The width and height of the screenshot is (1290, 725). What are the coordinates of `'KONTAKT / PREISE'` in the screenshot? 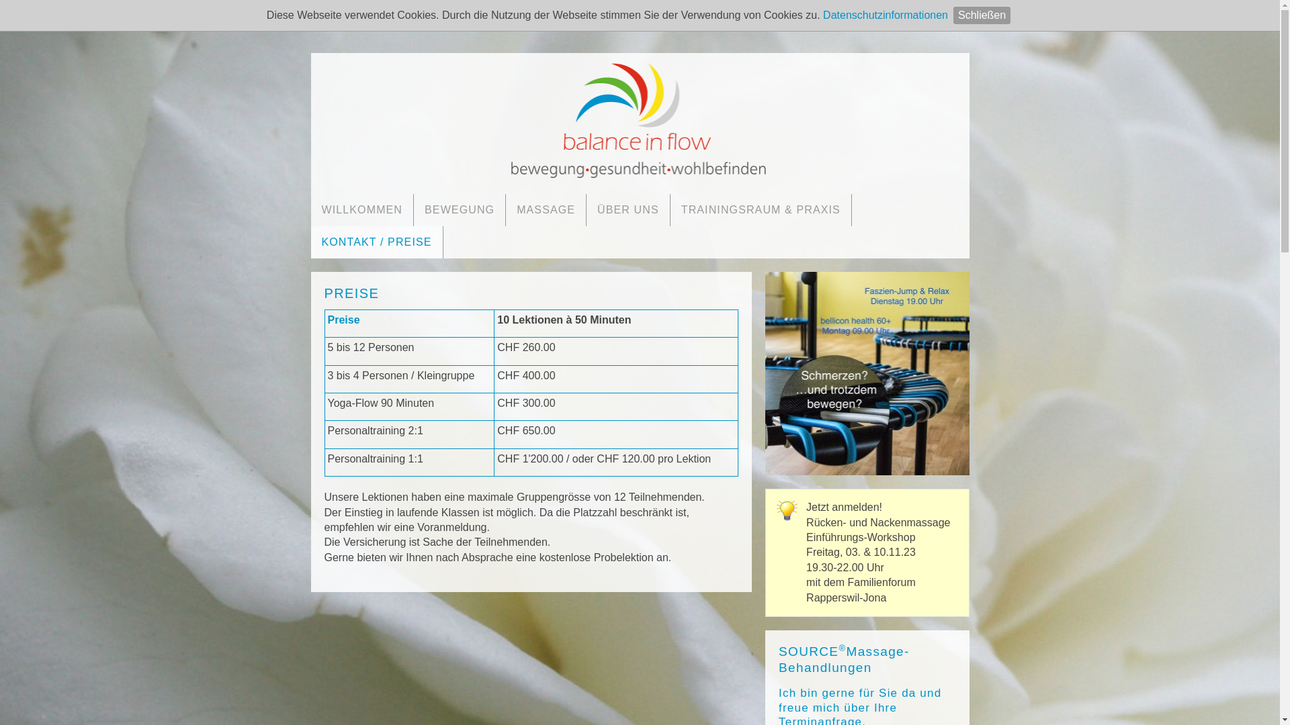 It's located at (309, 242).